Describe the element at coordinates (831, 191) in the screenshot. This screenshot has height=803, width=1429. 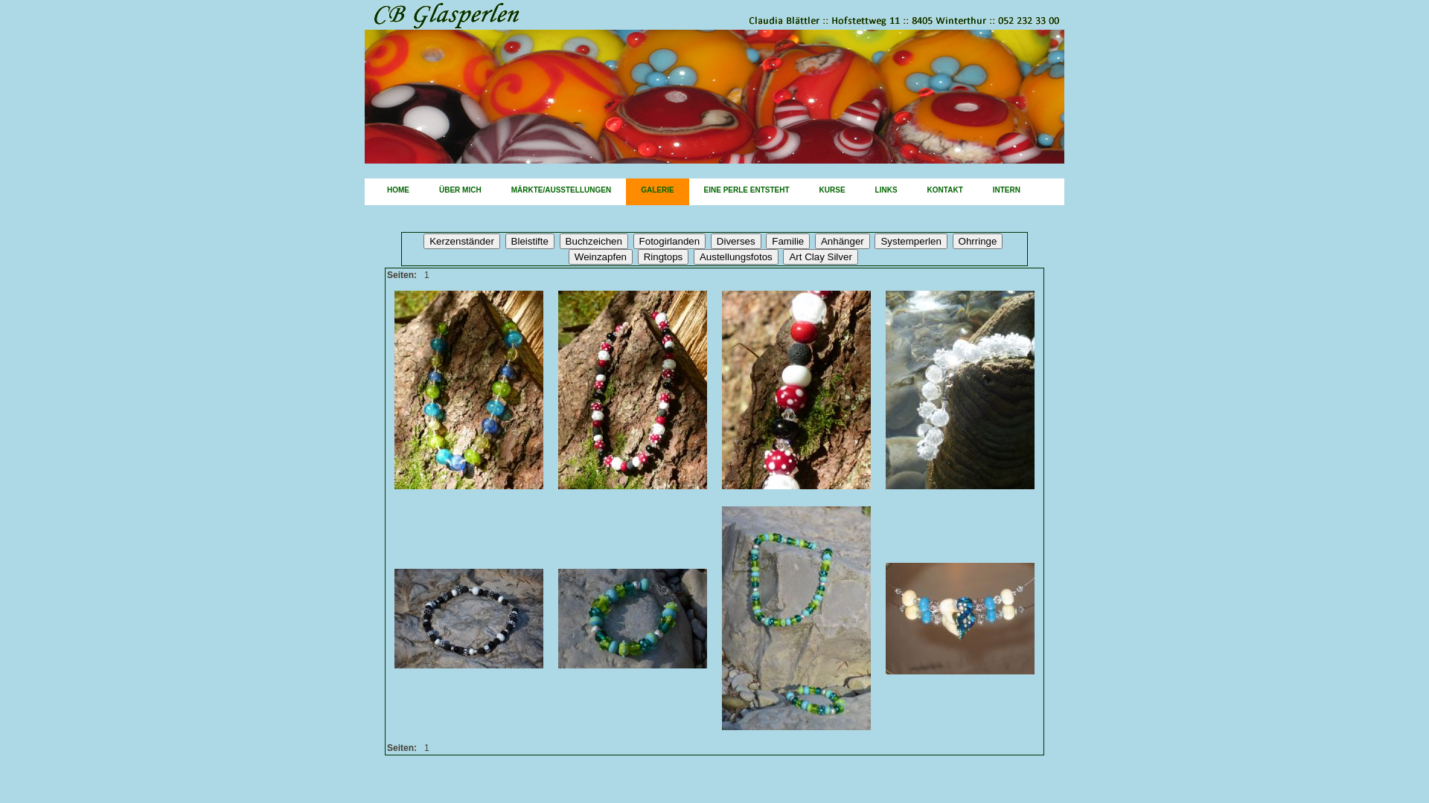
I see `'KURSE'` at that location.